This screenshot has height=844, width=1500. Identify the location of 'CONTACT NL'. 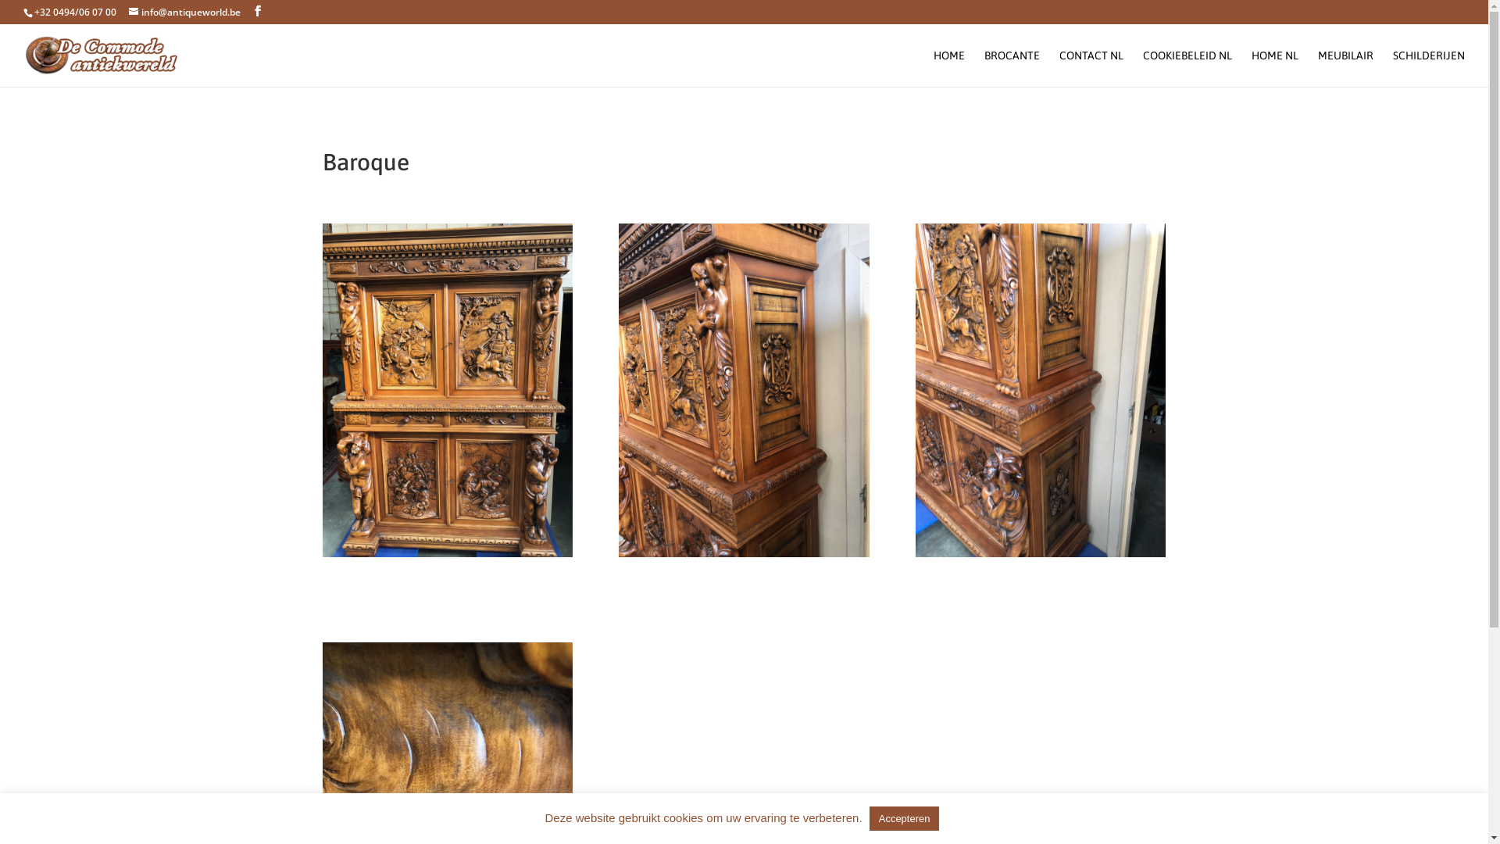
(1090, 67).